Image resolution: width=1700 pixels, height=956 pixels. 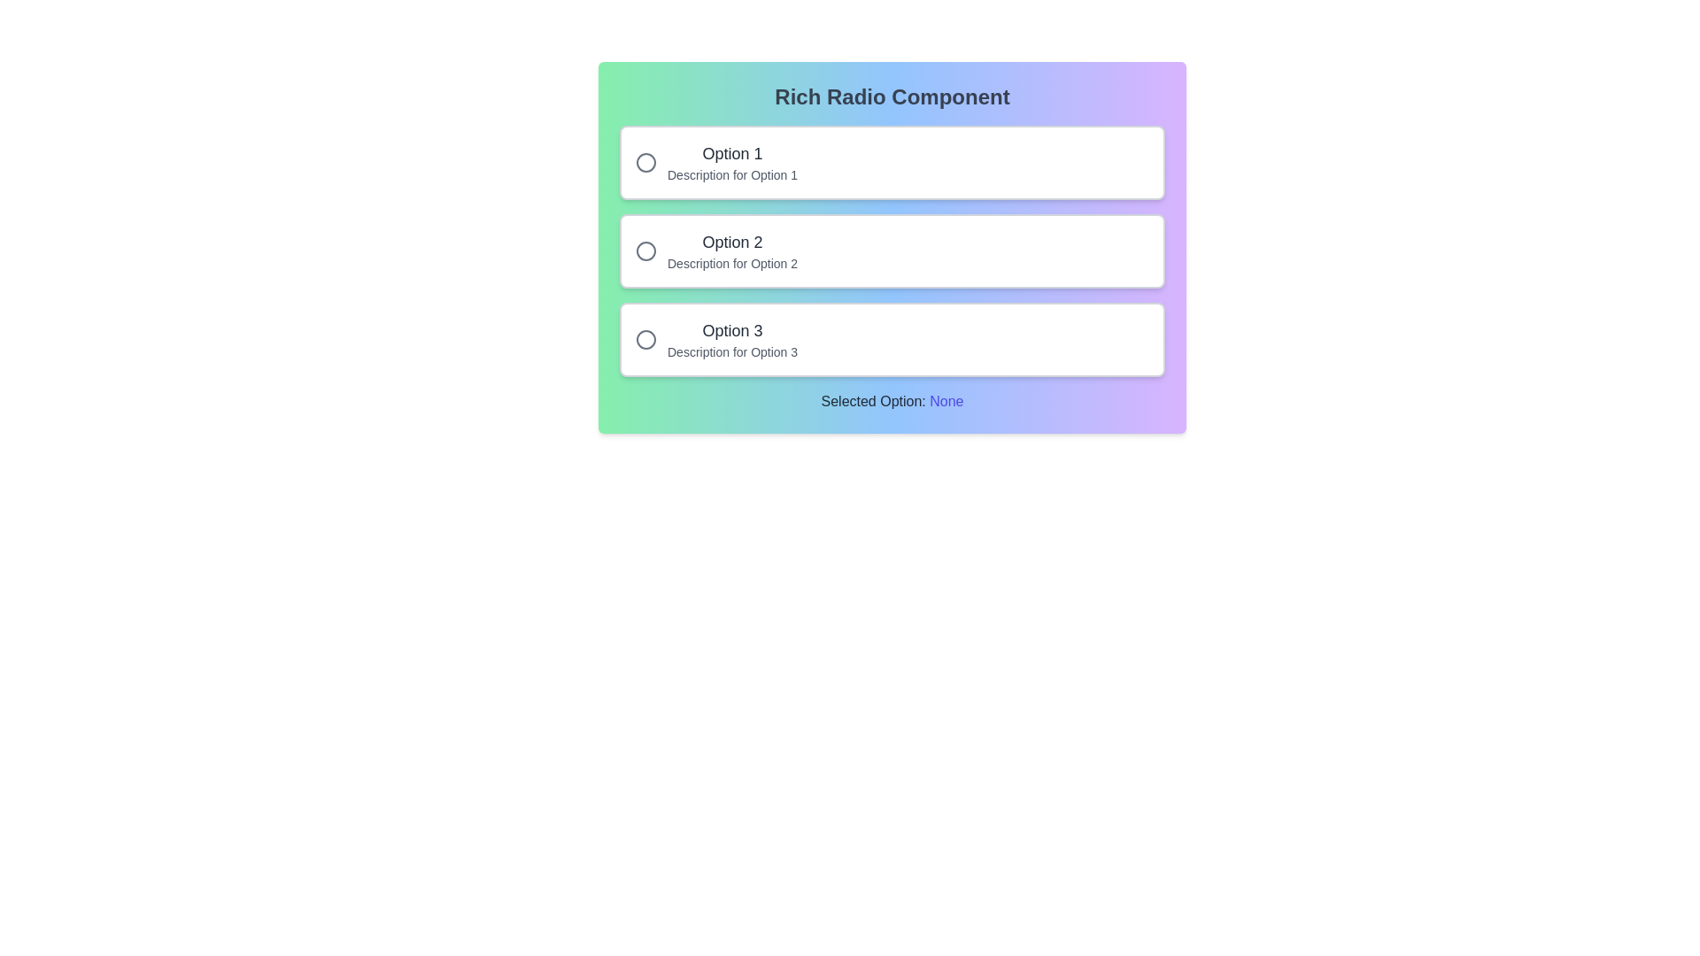 I want to click on the text label that provides the title and description for the second option in the selectable list, so click(x=732, y=251).